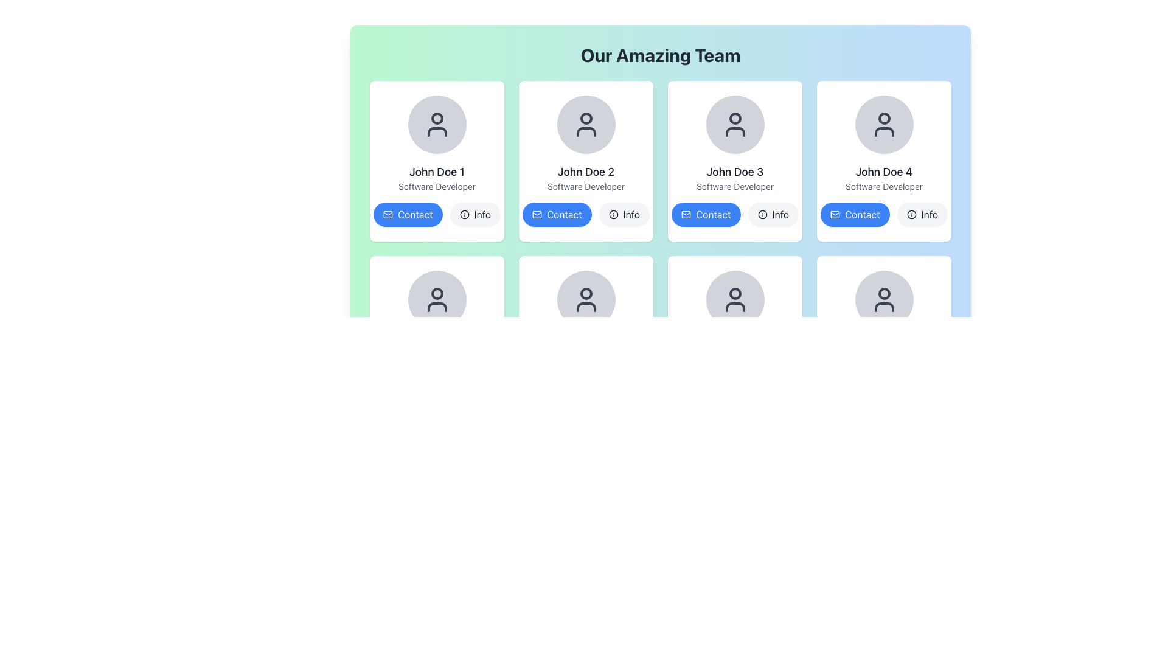  Describe the element at coordinates (631, 214) in the screenshot. I see `the 'Info' button, which displays the text in bold sans-serif font and is positioned to the right of the 'Contact' button within the card for 'John Doe 2'` at that location.